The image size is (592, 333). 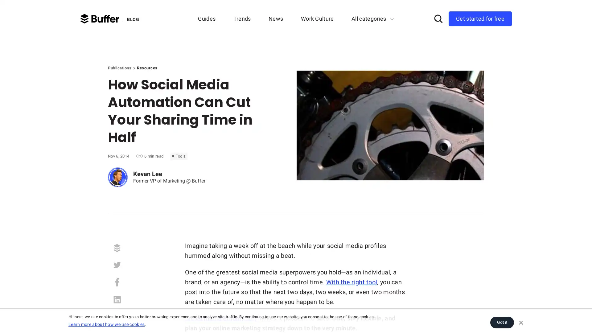 I want to click on Guides, so click(x=207, y=18).